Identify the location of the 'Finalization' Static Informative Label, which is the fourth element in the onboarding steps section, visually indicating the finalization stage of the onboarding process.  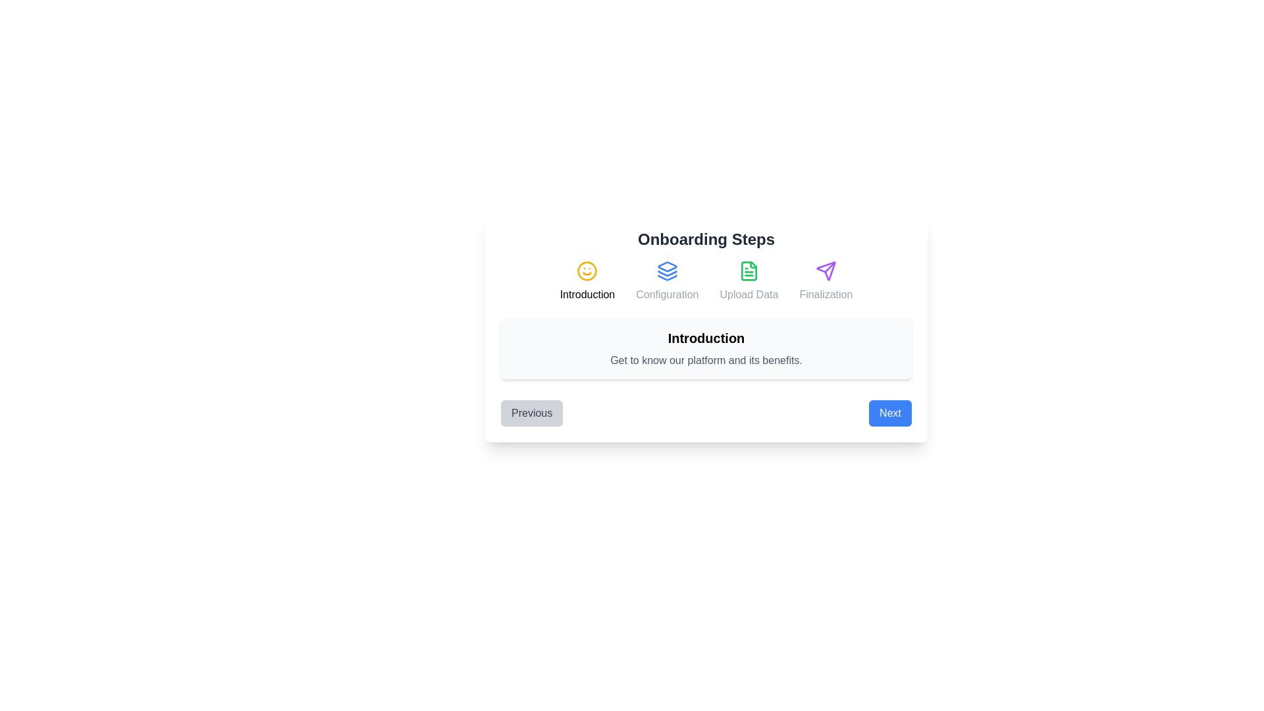
(825, 281).